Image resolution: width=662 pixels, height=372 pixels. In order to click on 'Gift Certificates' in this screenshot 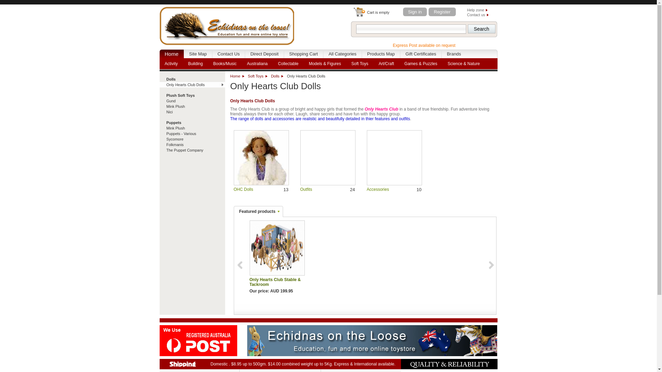, I will do `click(400, 53)`.